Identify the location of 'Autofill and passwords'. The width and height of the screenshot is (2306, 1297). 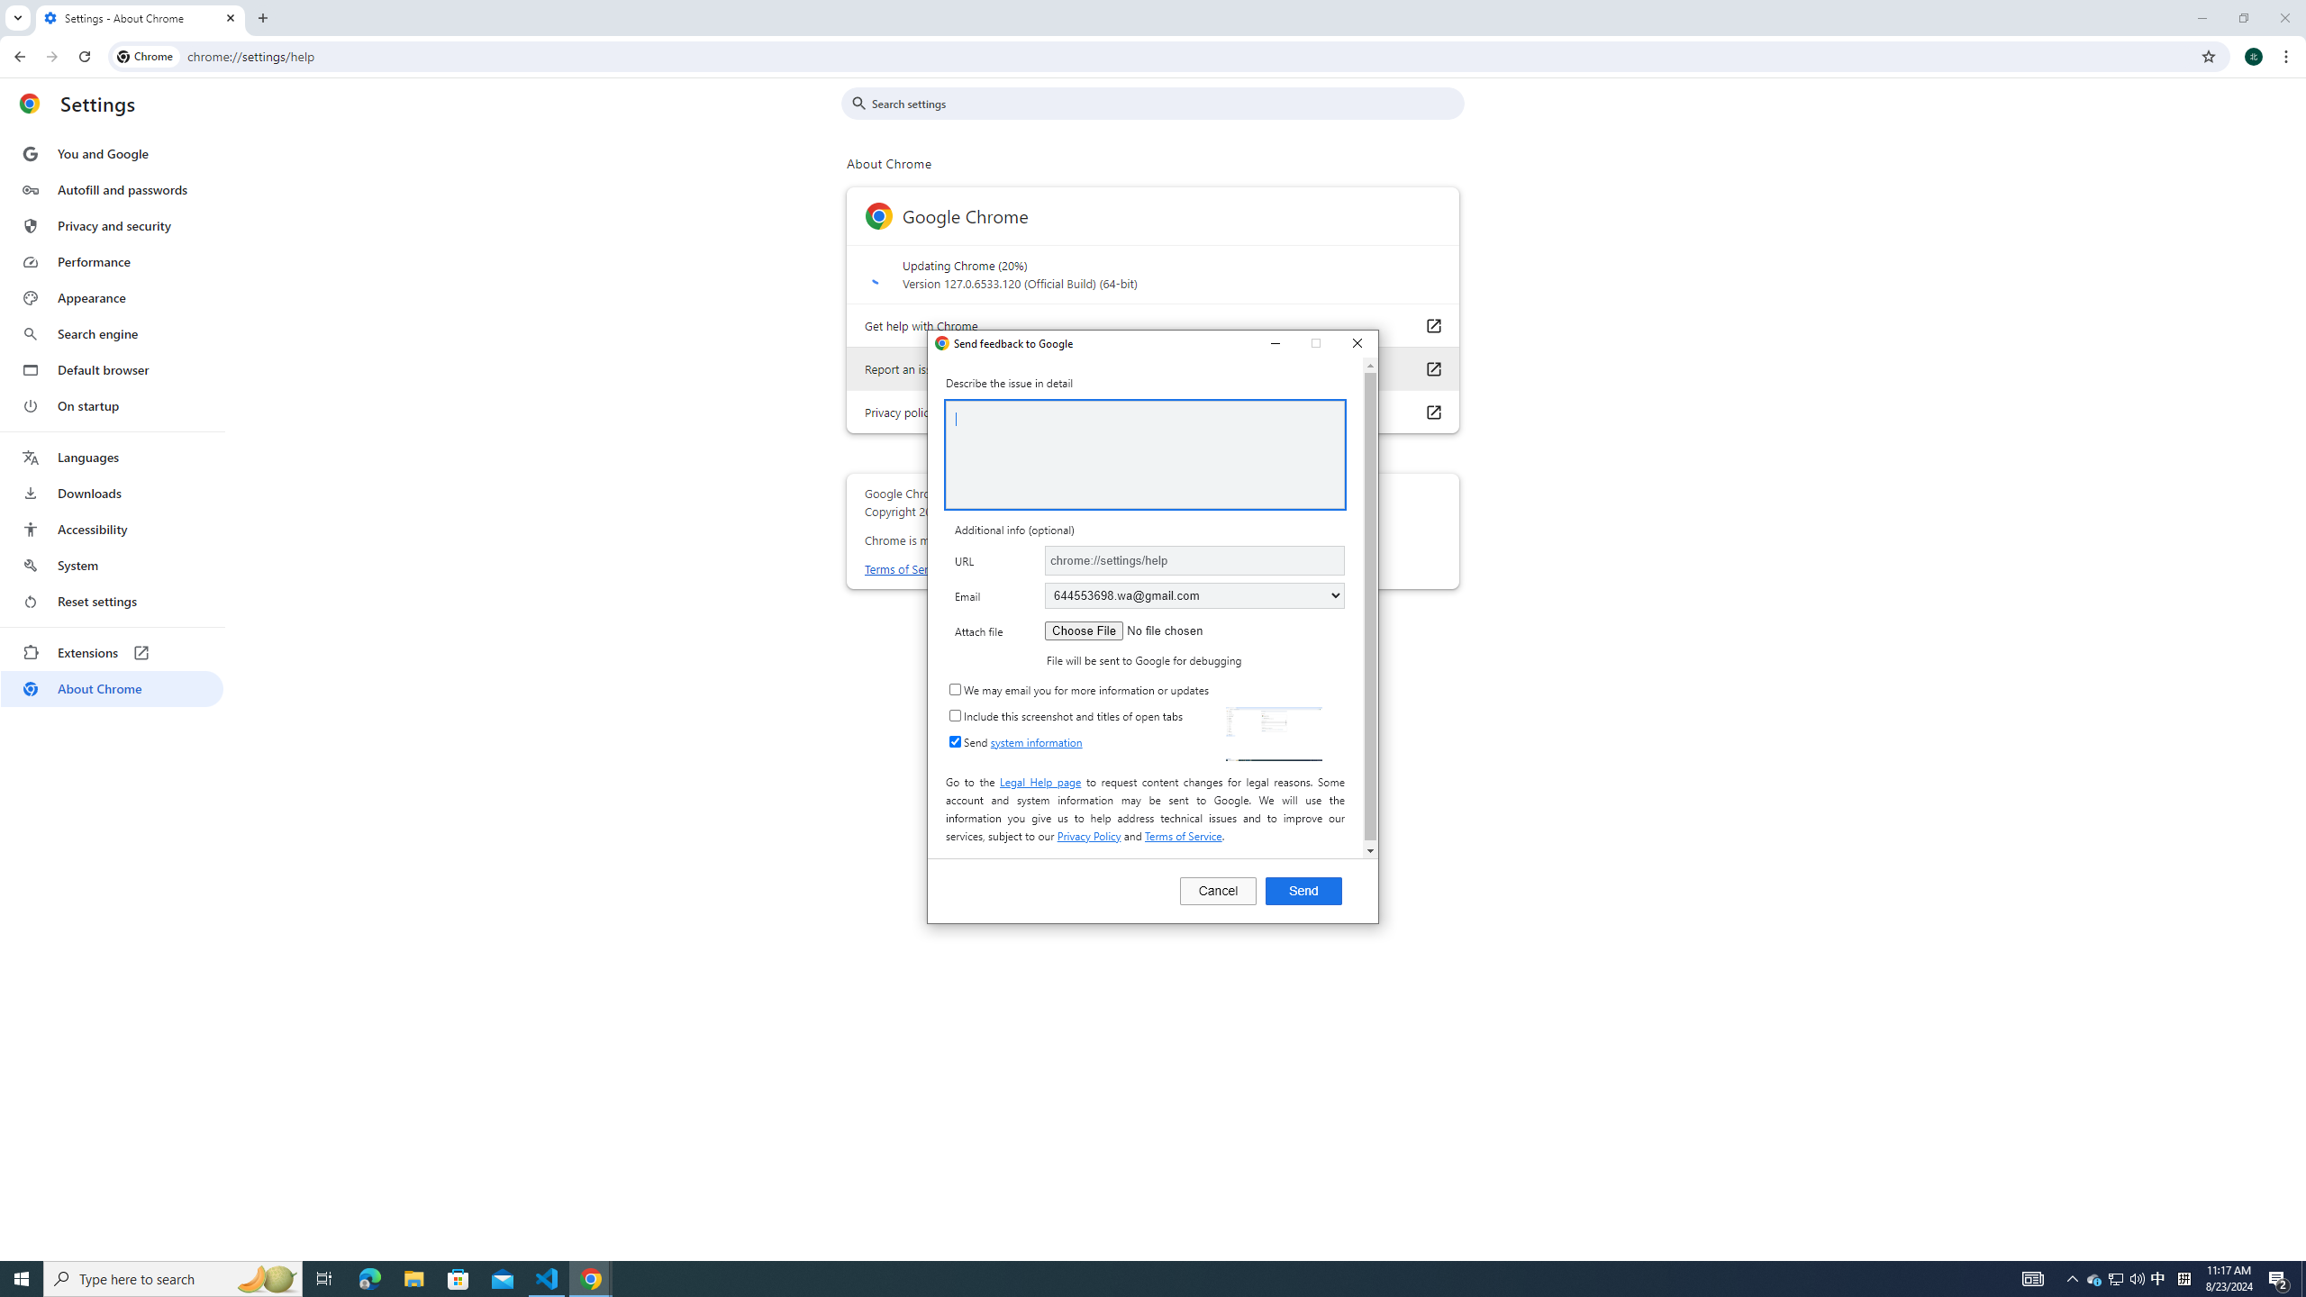
(111, 189).